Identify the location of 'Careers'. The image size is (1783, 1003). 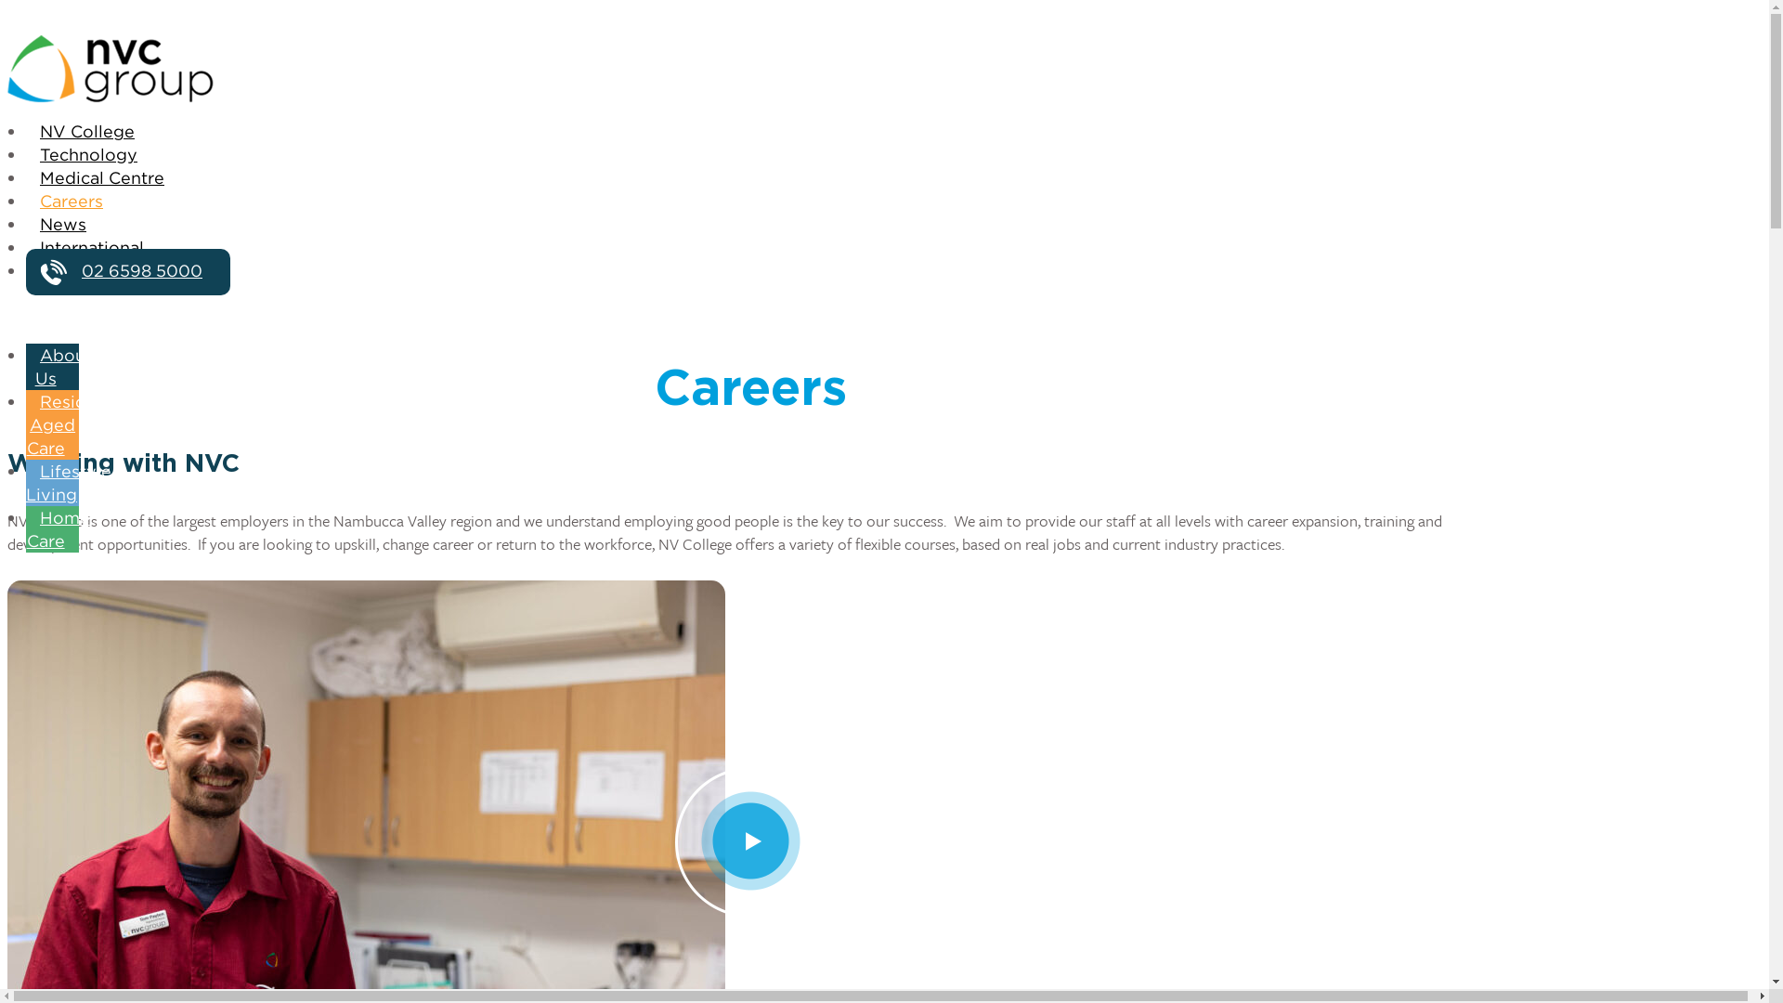
(26, 202).